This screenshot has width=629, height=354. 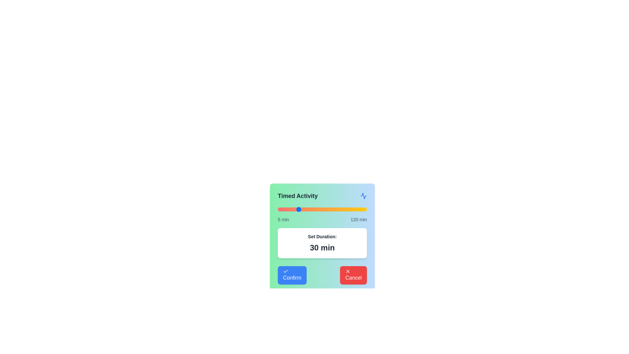 I want to click on the slider to set the activity duration to 119 minutes, so click(x=366, y=209).